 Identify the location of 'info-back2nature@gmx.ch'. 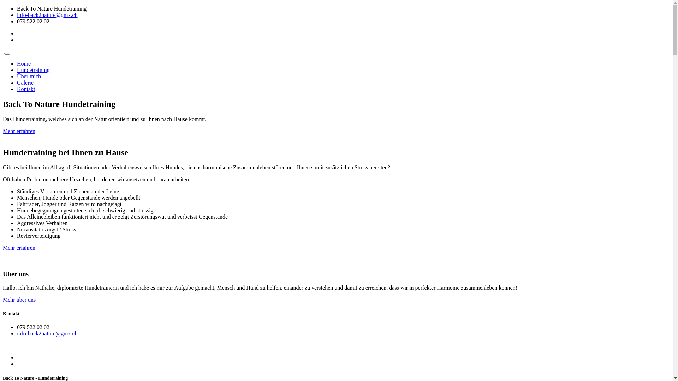
(17, 333).